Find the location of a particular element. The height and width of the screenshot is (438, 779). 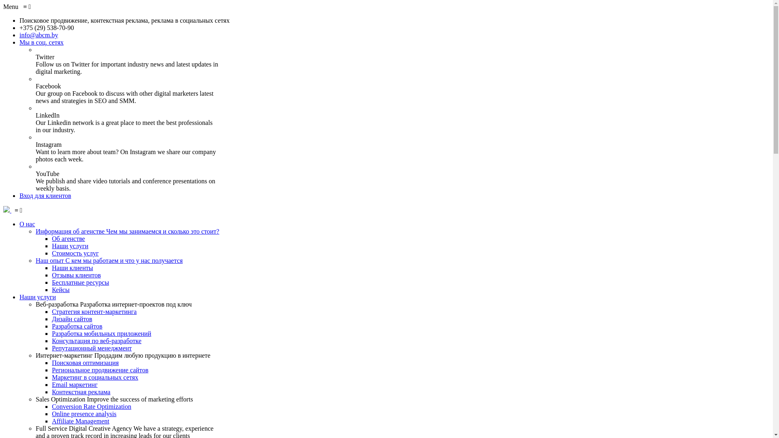

'Affiliate Management' is located at coordinates (80, 421).